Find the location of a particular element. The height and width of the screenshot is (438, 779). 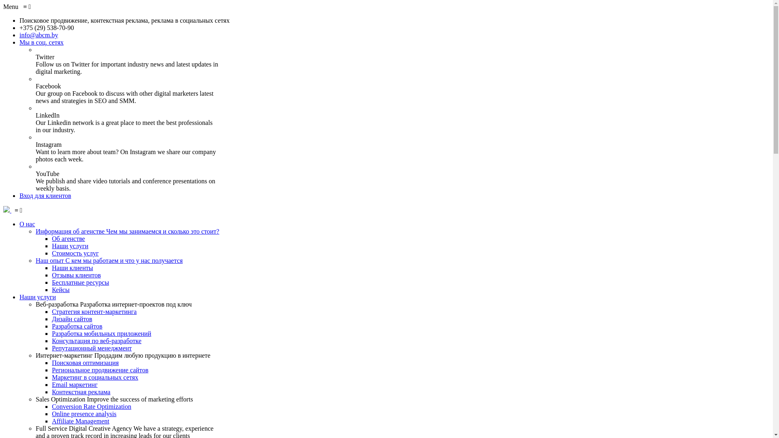

'Affiliate Management' is located at coordinates (80, 421).